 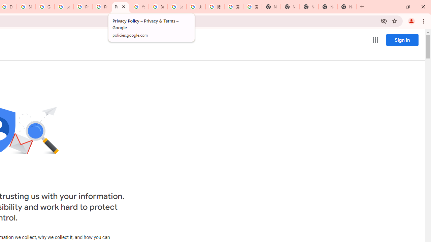 What do you see at coordinates (375, 40) in the screenshot?
I see `'Google apps'` at bounding box center [375, 40].